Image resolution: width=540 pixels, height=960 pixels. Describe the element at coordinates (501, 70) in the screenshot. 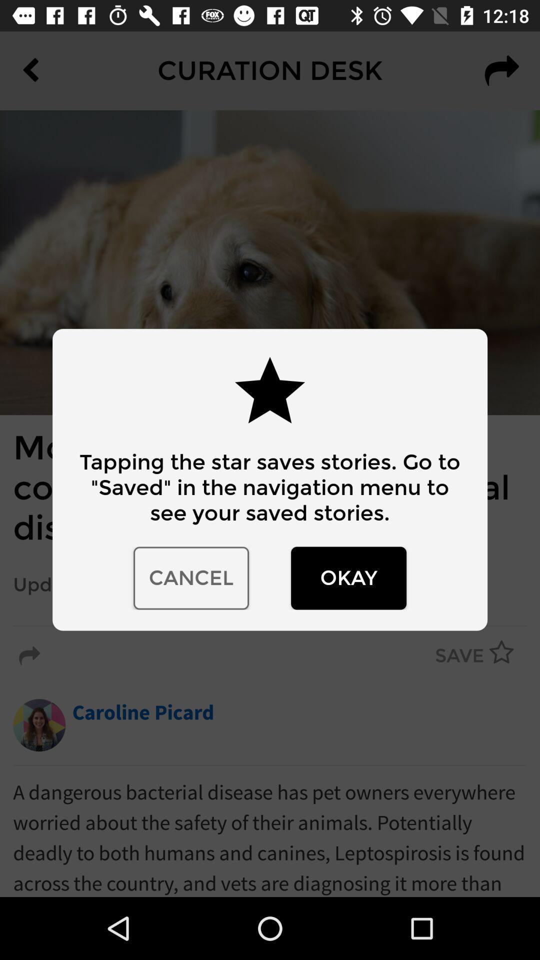

I see `the redo icon` at that location.